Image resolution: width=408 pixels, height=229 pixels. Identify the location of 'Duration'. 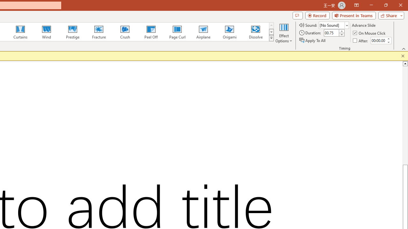
(331, 33).